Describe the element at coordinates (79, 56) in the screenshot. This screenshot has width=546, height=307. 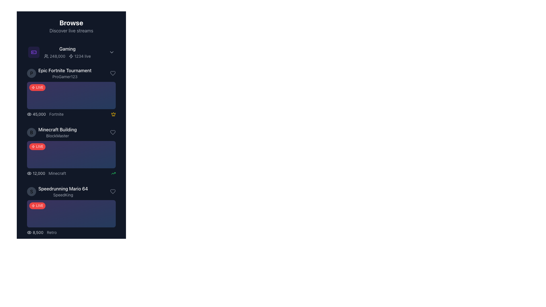
I see `live status displayed by the text '1234 live' with a lightning bolt icon, which is the last item in the metrics row adjacent to the 'Gaming' category heading` at that location.